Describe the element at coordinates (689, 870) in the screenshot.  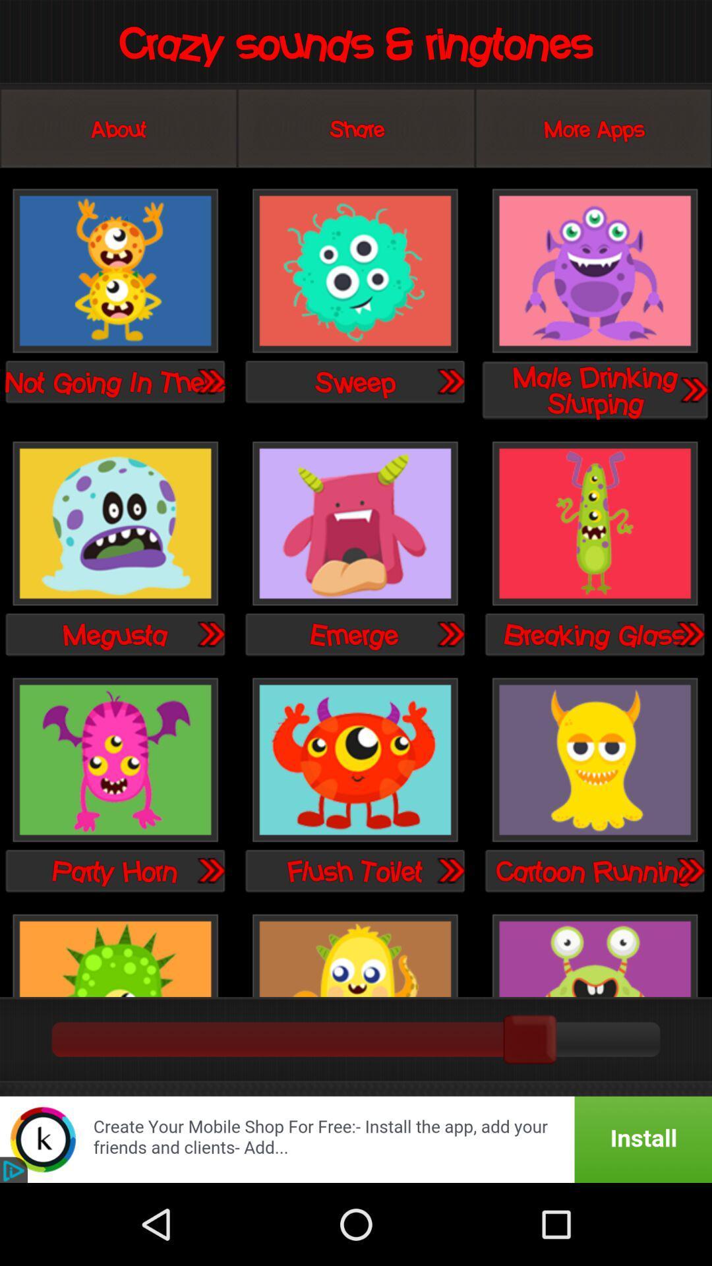
I see `go the page for this item` at that location.